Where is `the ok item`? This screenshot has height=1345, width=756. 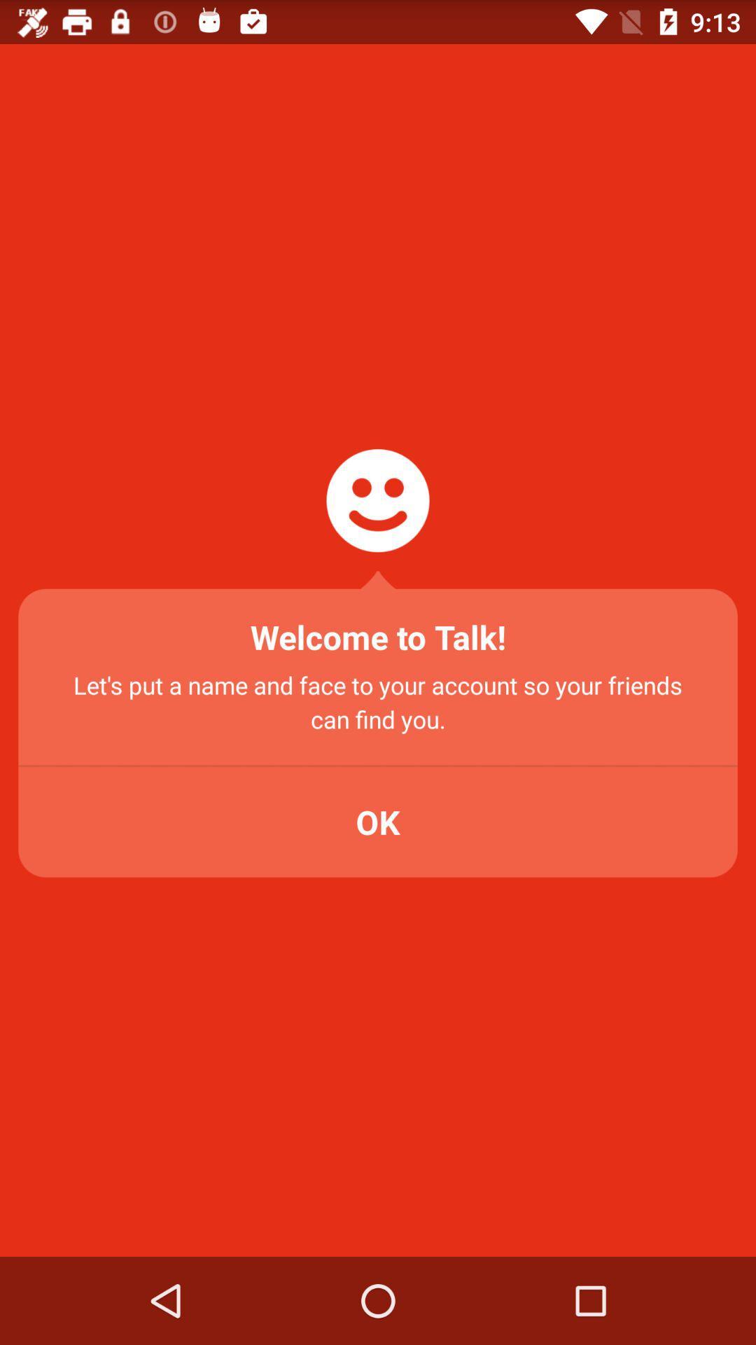
the ok item is located at coordinates (378, 822).